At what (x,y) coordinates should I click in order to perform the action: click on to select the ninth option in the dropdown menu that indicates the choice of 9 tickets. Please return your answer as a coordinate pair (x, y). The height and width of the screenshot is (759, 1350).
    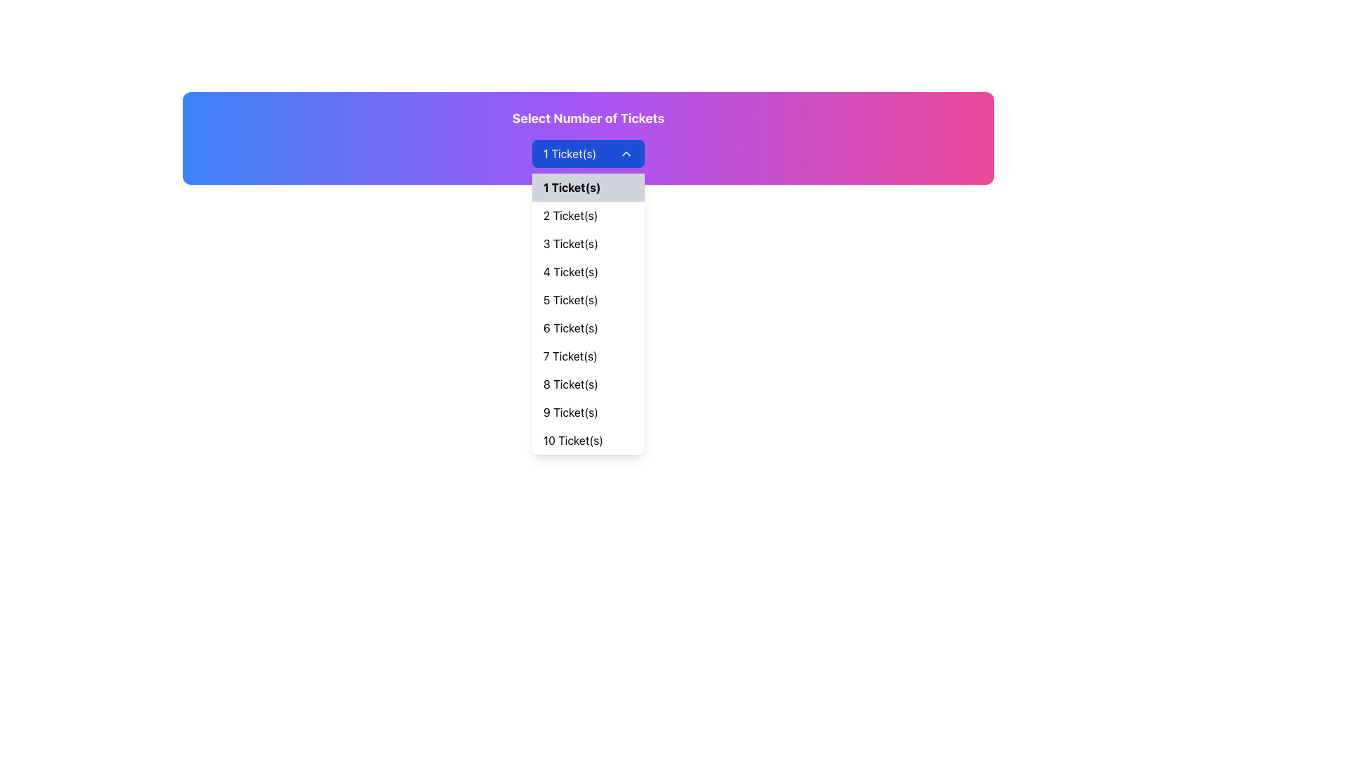
    Looking at the image, I should click on (588, 411).